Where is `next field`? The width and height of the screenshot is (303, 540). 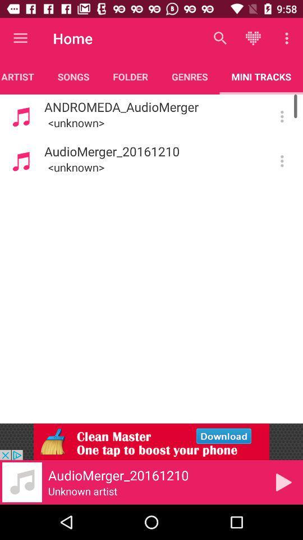 next field is located at coordinates (283, 481).